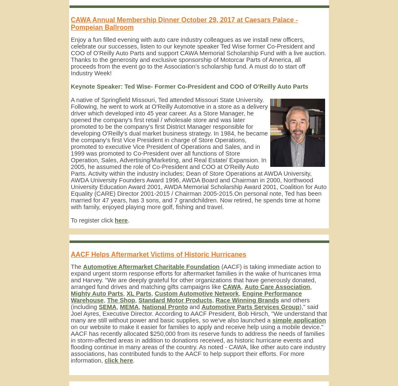 The width and height of the screenshot is (398, 386). What do you see at coordinates (164, 306) in the screenshot?
I see `'National Pronto'` at bounding box center [164, 306].